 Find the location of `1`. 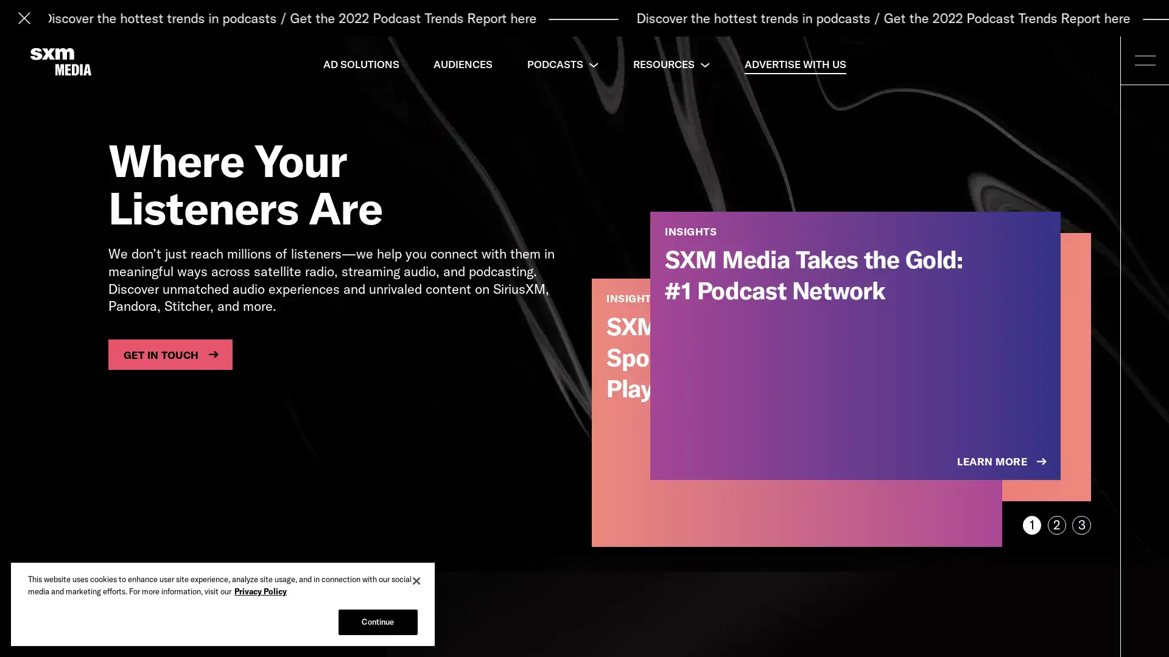

1 is located at coordinates (1031, 524).